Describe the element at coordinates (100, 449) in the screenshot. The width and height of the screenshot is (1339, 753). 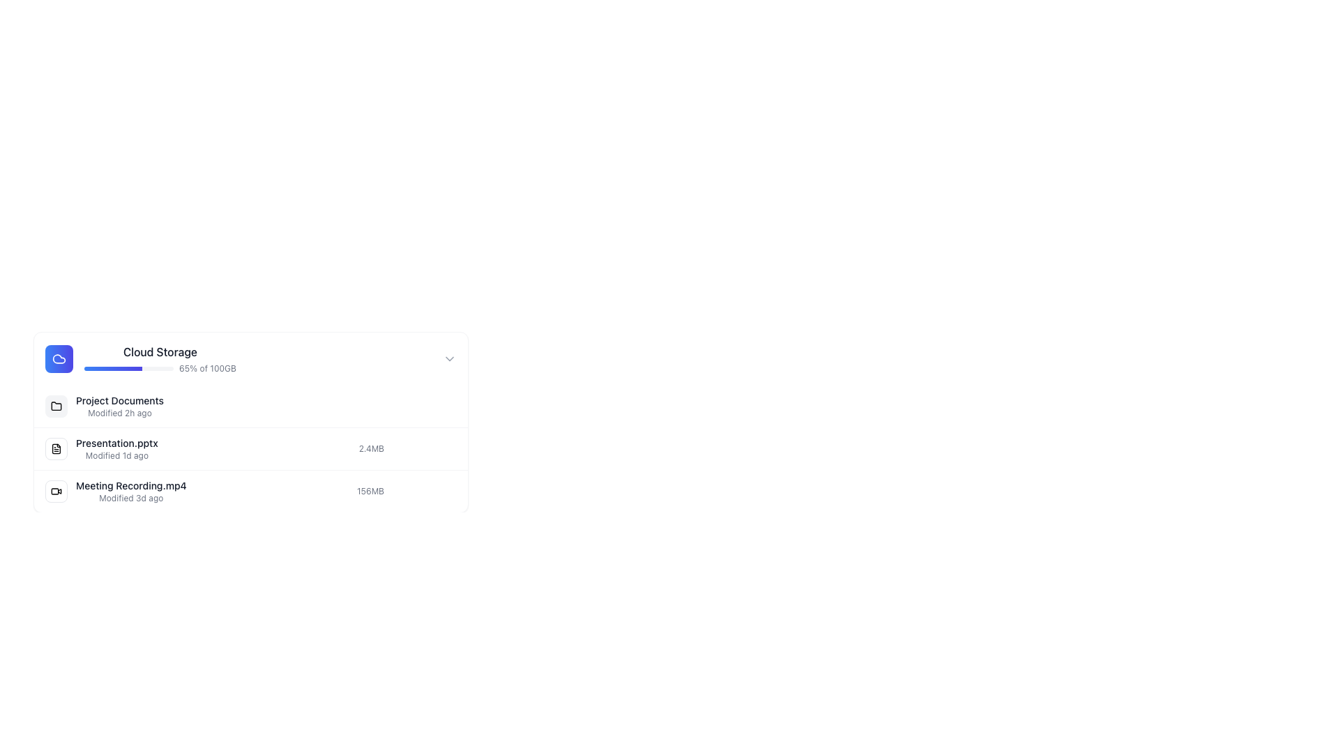
I see `the file list entry located between 'Project Documents' and 'Meeting Recording.mp4'` at that location.